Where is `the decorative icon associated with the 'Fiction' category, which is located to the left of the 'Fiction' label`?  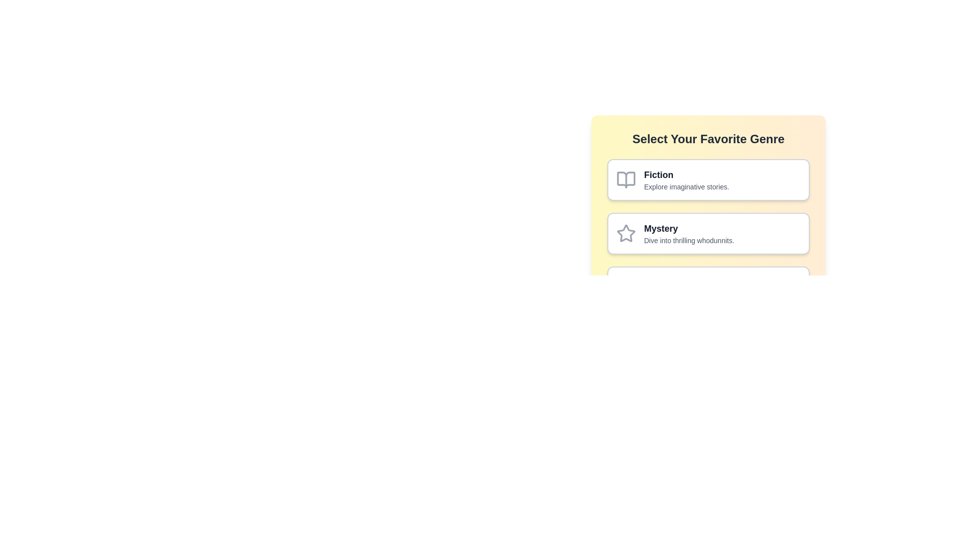
the decorative icon associated with the 'Fiction' category, which is located to the left of the 'Fiction' label is located at coordinates (625, 180).